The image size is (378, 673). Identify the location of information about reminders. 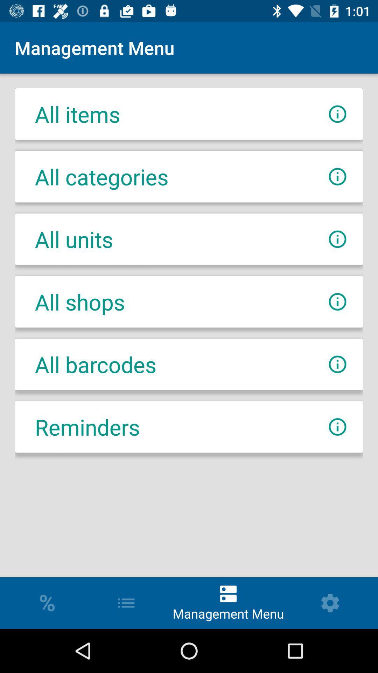
(337, 427).